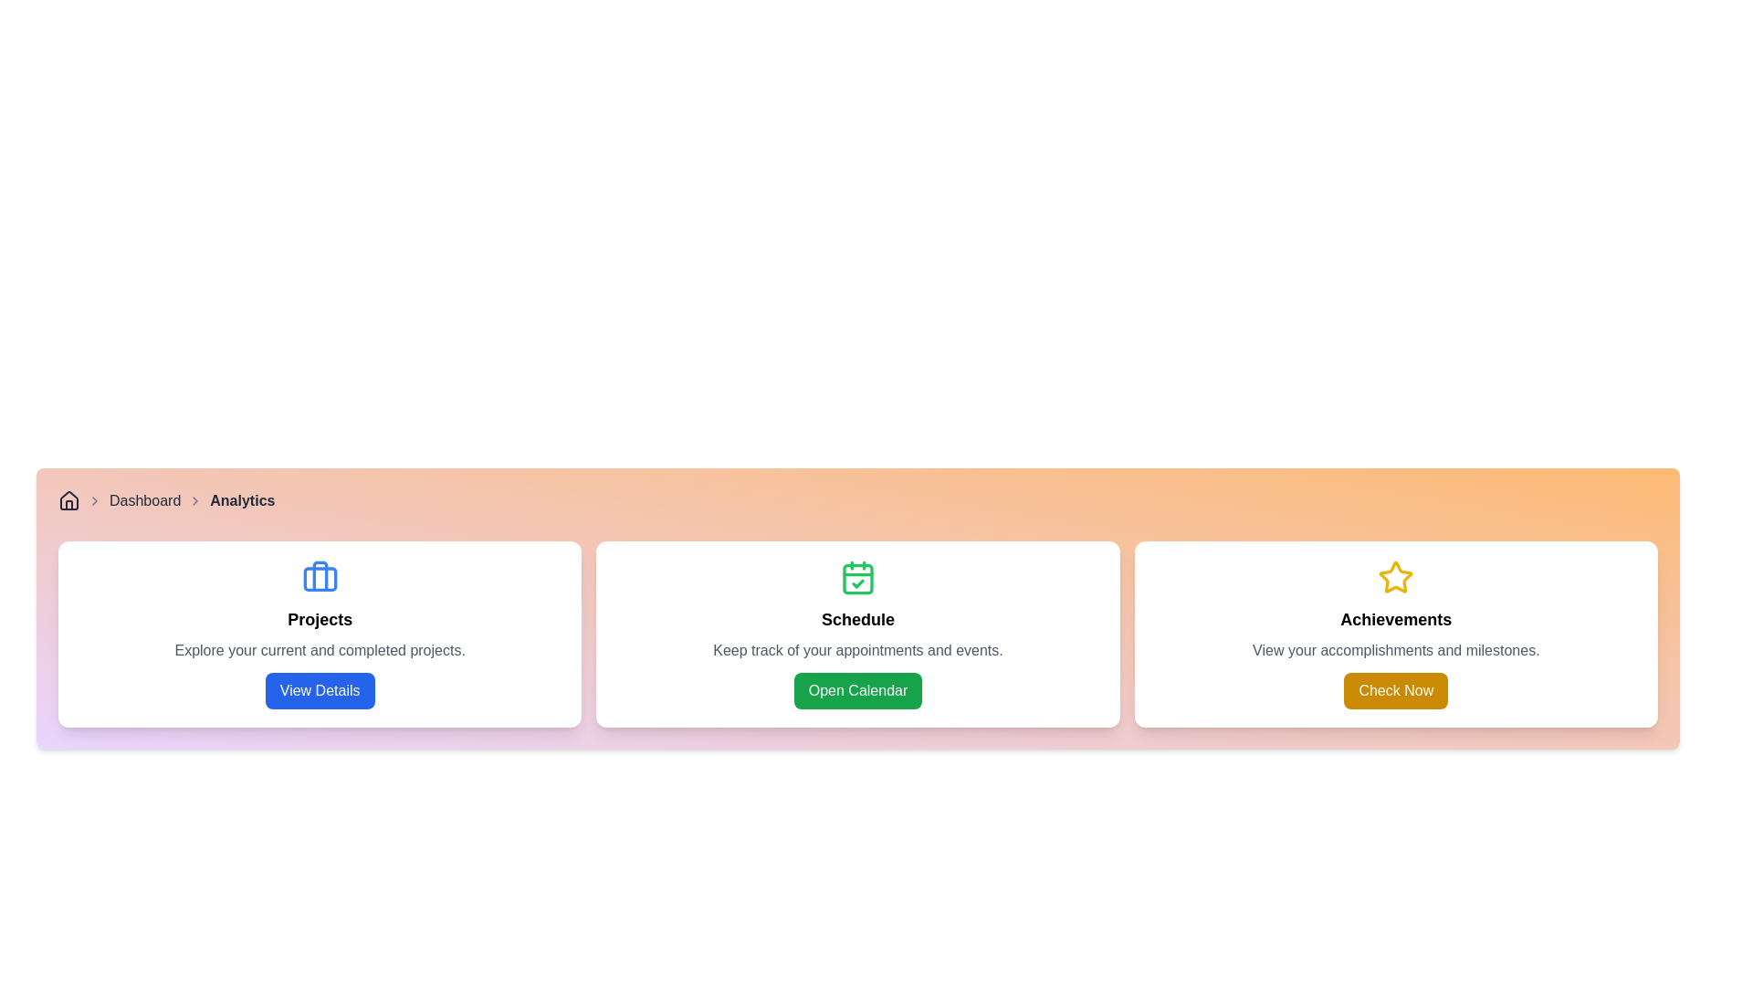 This screenshot has height=986, width=1753. What do you see at coordinates (1395, 690) in the screenshot?
I see `the rectangular button with a yellow background and white text 'Check Now' located at the bottom of the 'Achievements' card to trigger the hover effect` at bounding box center [1395, 690].